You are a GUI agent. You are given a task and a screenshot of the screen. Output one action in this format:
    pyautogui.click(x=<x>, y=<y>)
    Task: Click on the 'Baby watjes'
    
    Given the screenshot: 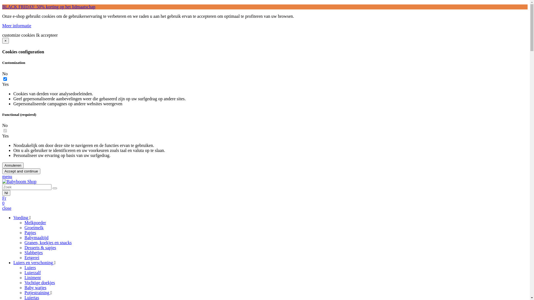 What is the action you would take?
    pyautogui.click(x=35, y=287)
    